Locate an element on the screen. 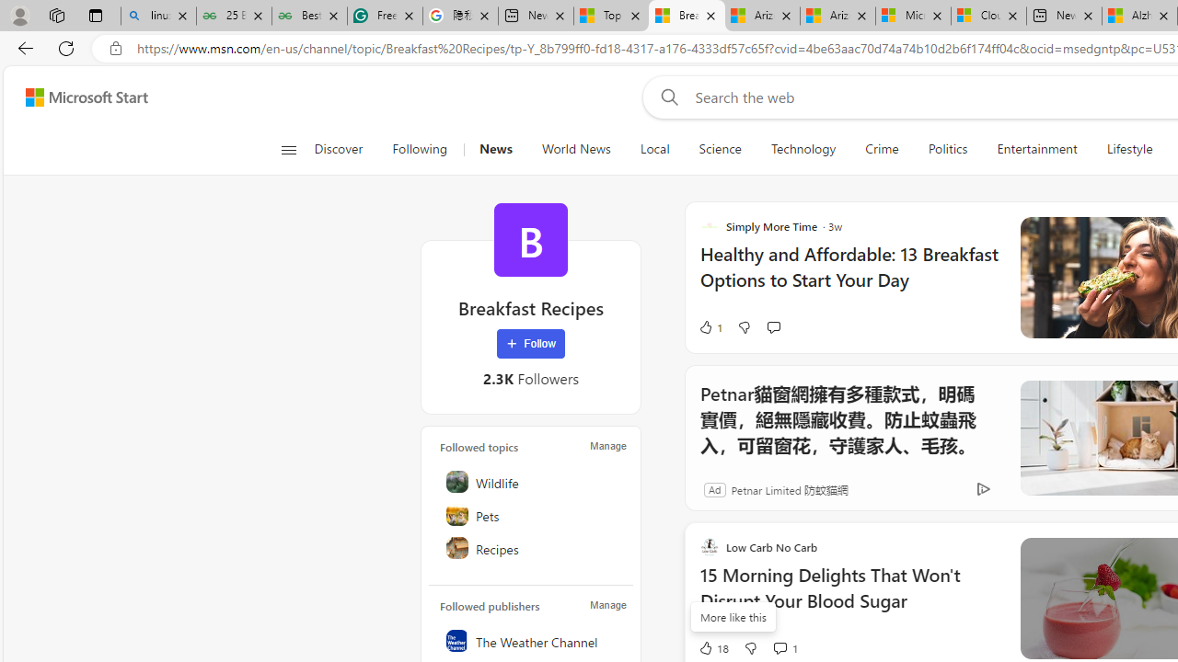 Image resolution: width=1178 pixels, height=662 pixels. 'Politics' is located at coordinates (947, 149).